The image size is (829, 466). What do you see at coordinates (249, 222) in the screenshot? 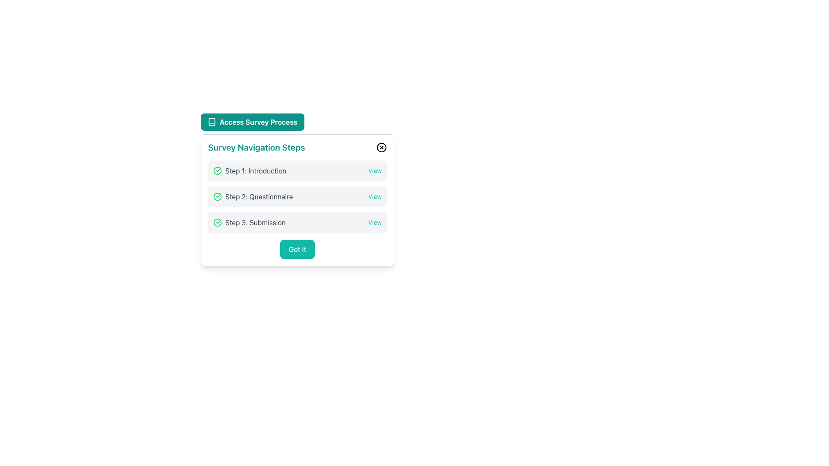
I see `the informational marker indicating the completion of the third step in the survey process, located at the bottom of the navigation steps list` at bounding box center [249, 222].